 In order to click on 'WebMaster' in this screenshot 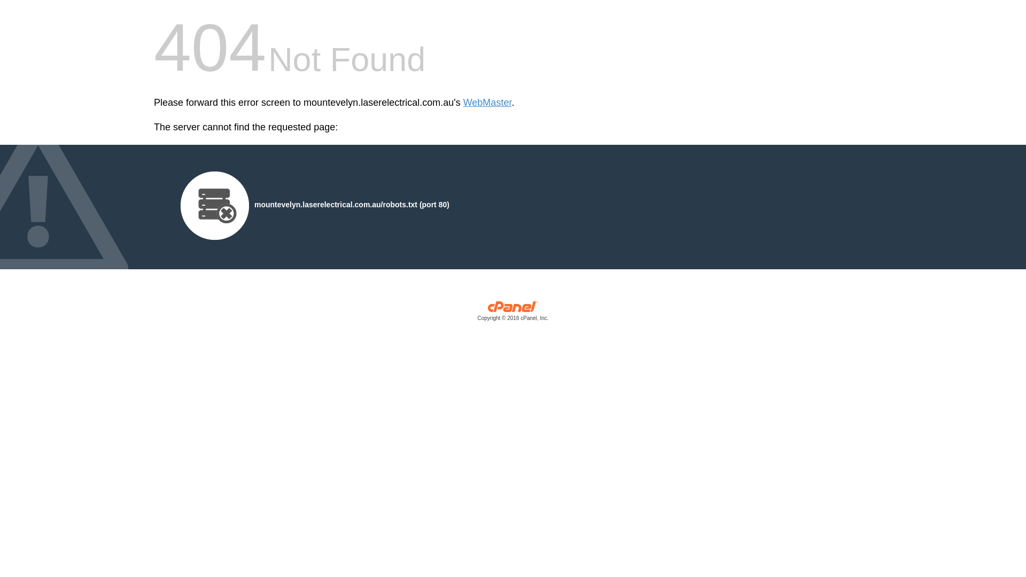, I will do `click(487, 103)`.